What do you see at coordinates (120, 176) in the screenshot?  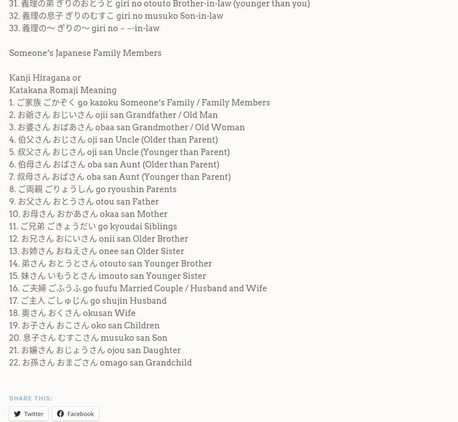 I see `'7.	叔母さん	おばさん	oba san	Aunt (Younger than Parent)'` at bounding box center [120, 176].